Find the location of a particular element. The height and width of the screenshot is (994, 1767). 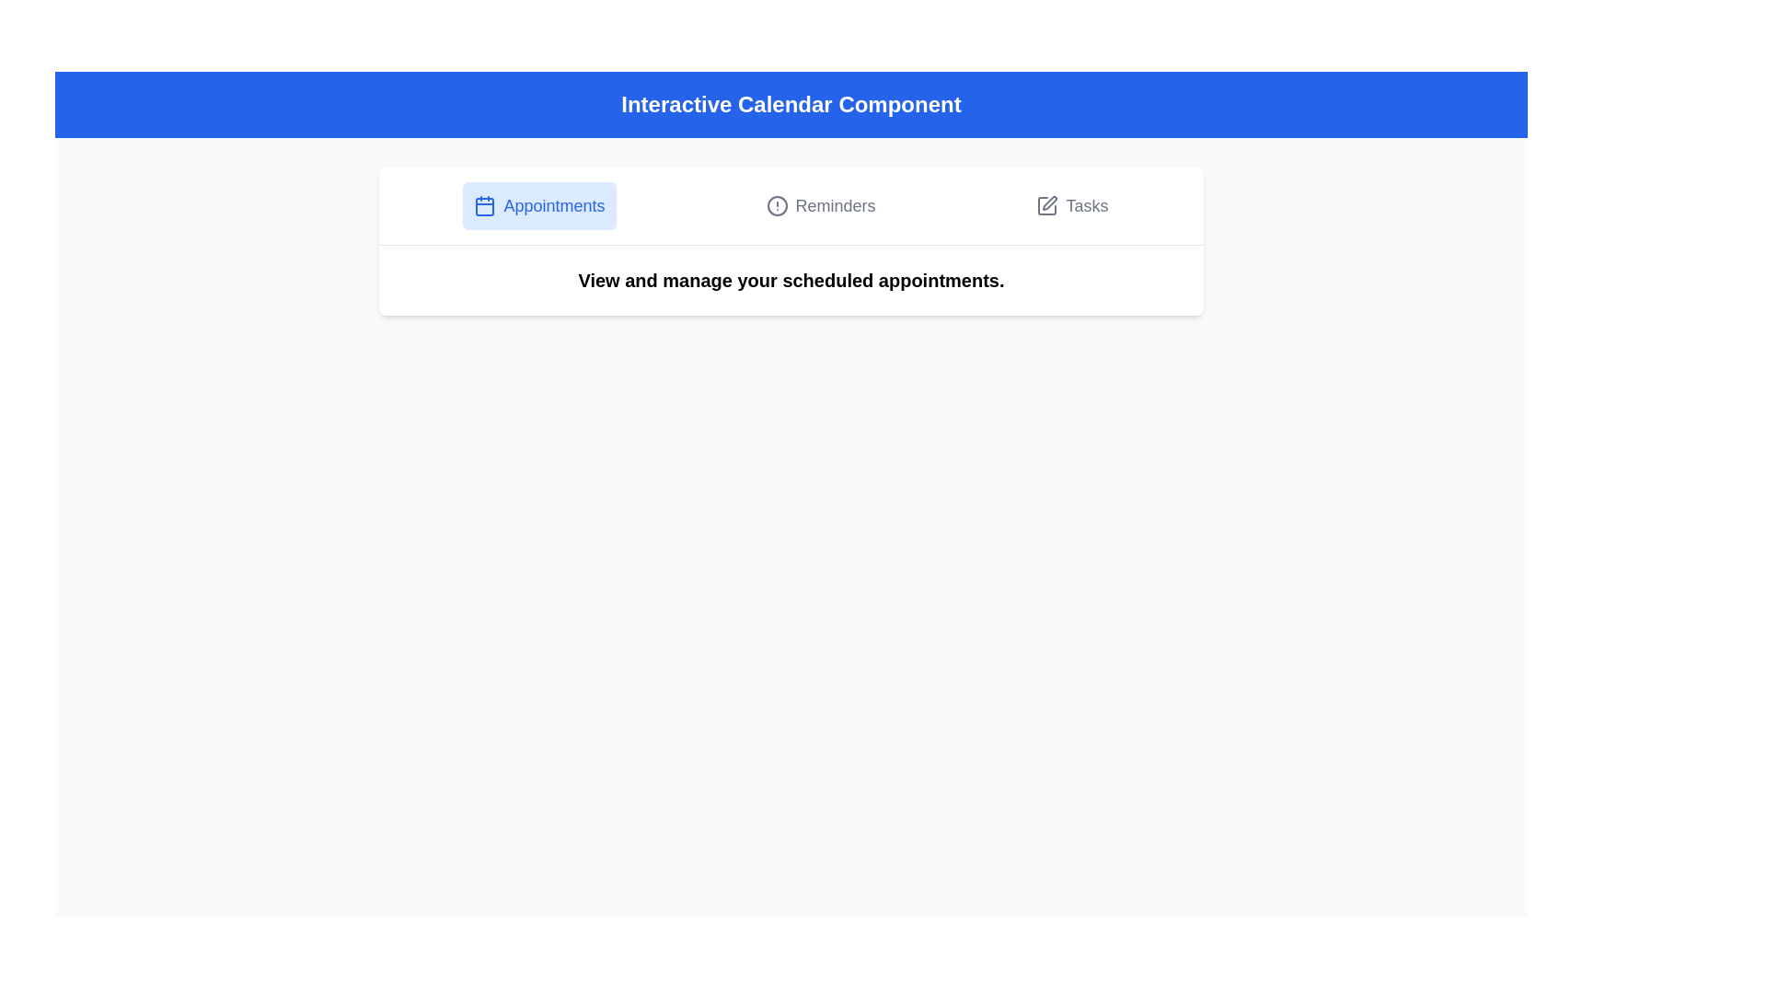

the Reminders tab is located at coordinates (820, 205).